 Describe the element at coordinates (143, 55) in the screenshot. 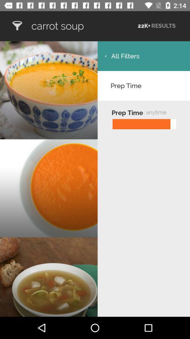

I see `the icon above the prep time item` at that location.